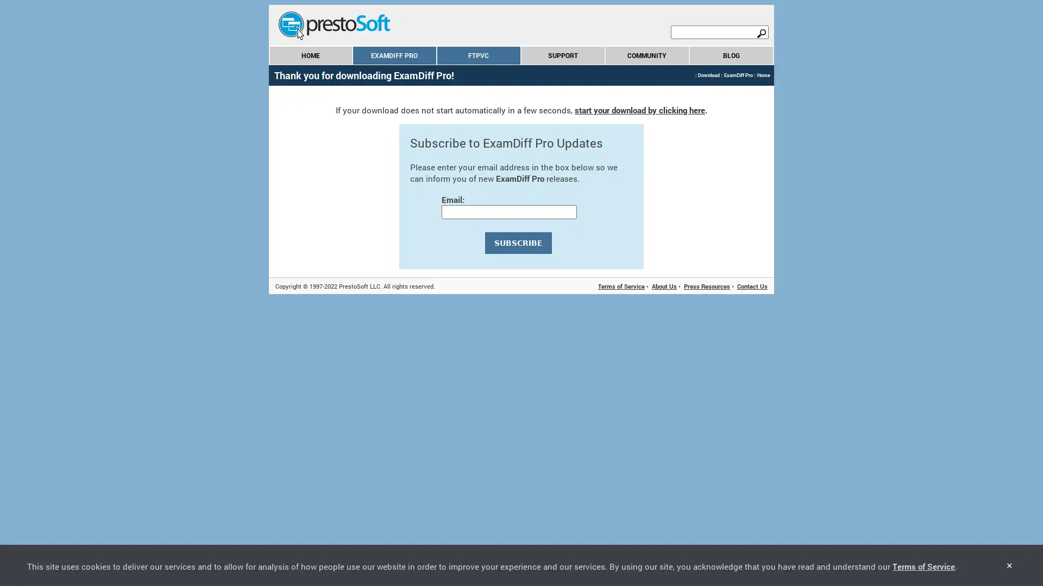  Describe the element at coordinates (517, 242) in the screenshot. I see `SUBSCRIBE` at that location.